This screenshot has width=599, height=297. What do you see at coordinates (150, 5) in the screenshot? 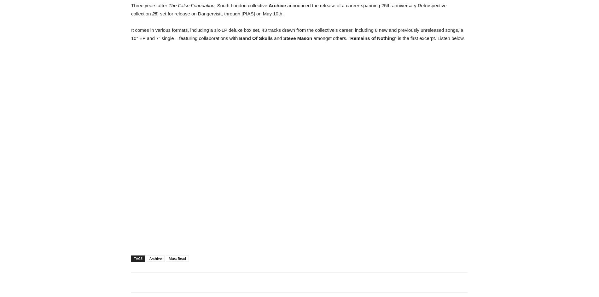
I see `'Three years after'` at bounding box center [150, 5].